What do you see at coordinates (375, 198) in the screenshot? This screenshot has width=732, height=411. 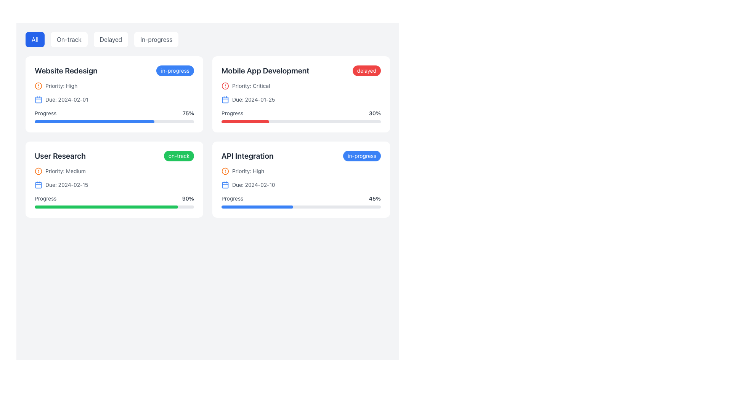 I see `the static text element that indicates the progress metric, located in the bottom-right quadrant of the 'API Integration' card` at bounding box center [375, 198].